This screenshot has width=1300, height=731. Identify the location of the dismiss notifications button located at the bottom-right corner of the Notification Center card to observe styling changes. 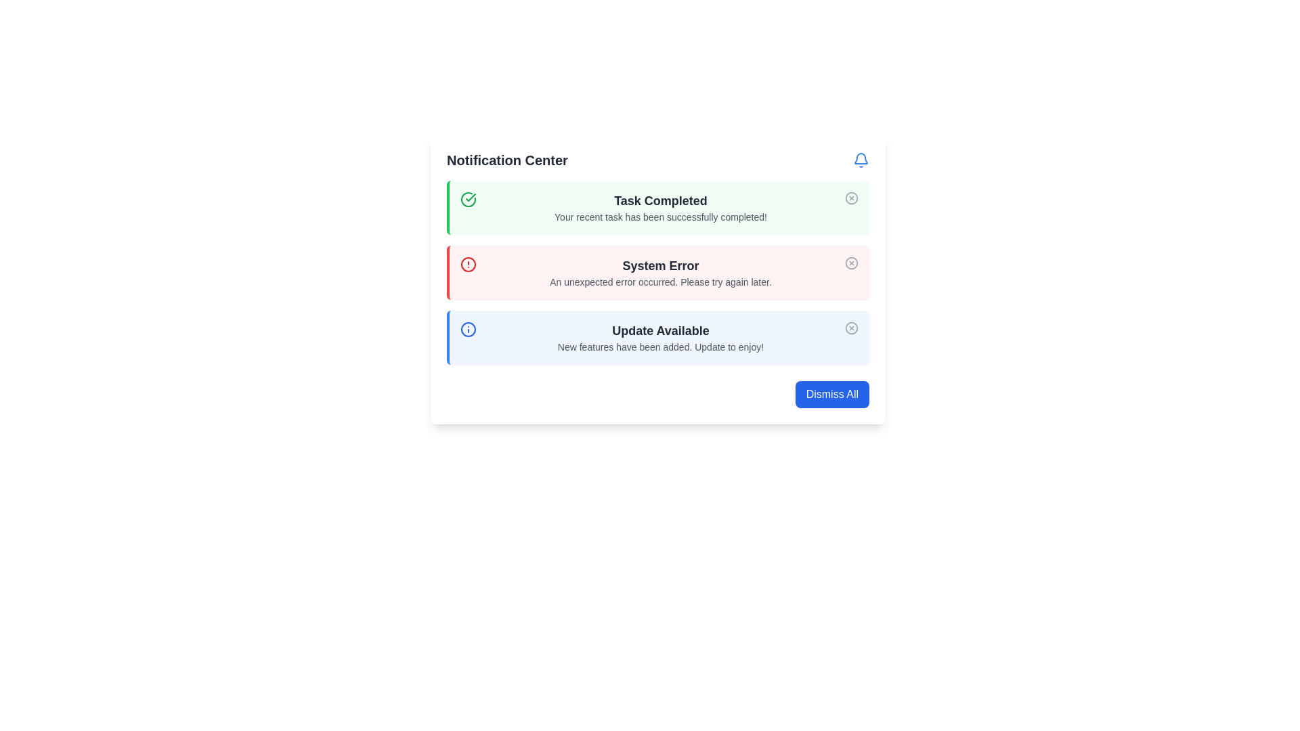
(831, 394).